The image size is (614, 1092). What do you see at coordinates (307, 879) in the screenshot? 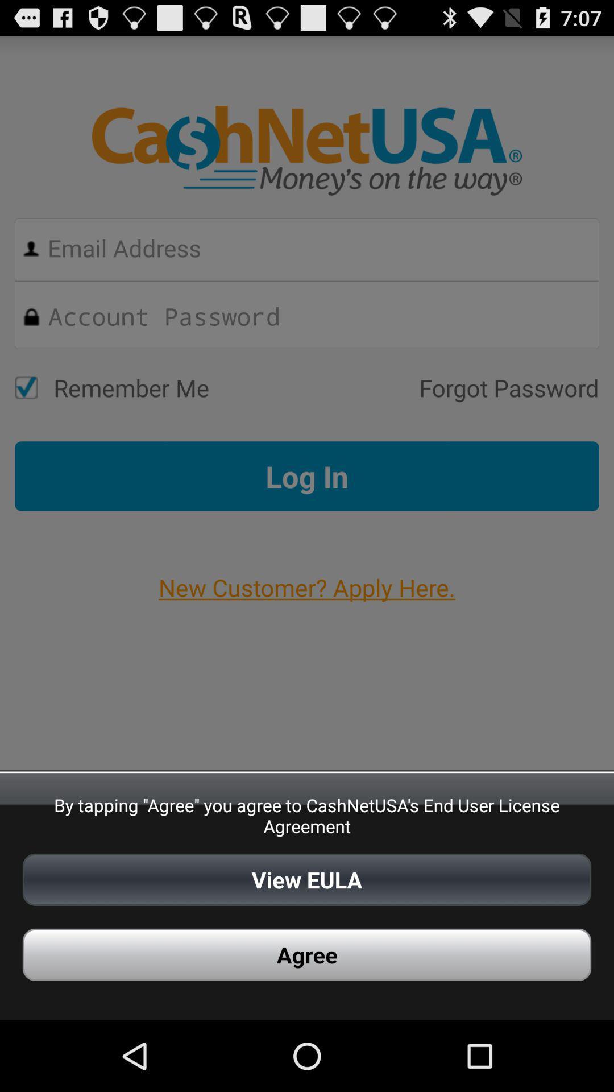
I see `view eula icon` at bounding box center [307, 879].